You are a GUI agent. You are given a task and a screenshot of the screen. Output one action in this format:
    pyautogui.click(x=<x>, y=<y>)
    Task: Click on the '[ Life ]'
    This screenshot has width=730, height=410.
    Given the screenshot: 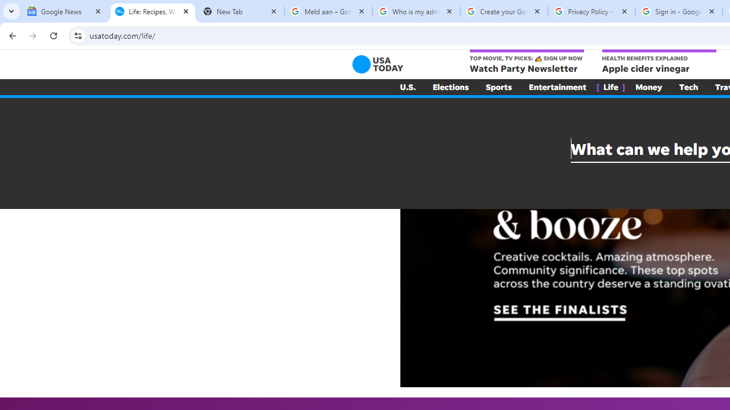 What is the action you would take?
    pyautogui.click(x=610, y=87)
    